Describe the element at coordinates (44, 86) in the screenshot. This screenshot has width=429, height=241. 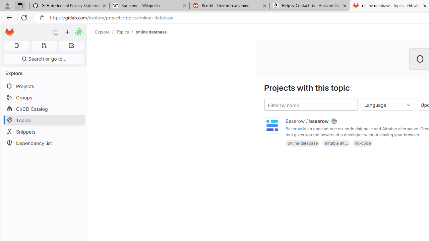
I see `'Projects'` at that location.